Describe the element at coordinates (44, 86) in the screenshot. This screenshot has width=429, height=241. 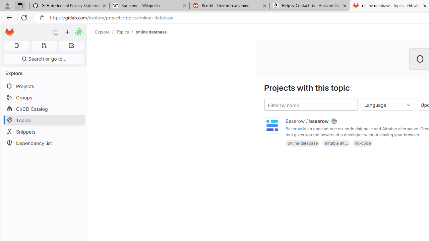
I see `'Projects'` at that location.